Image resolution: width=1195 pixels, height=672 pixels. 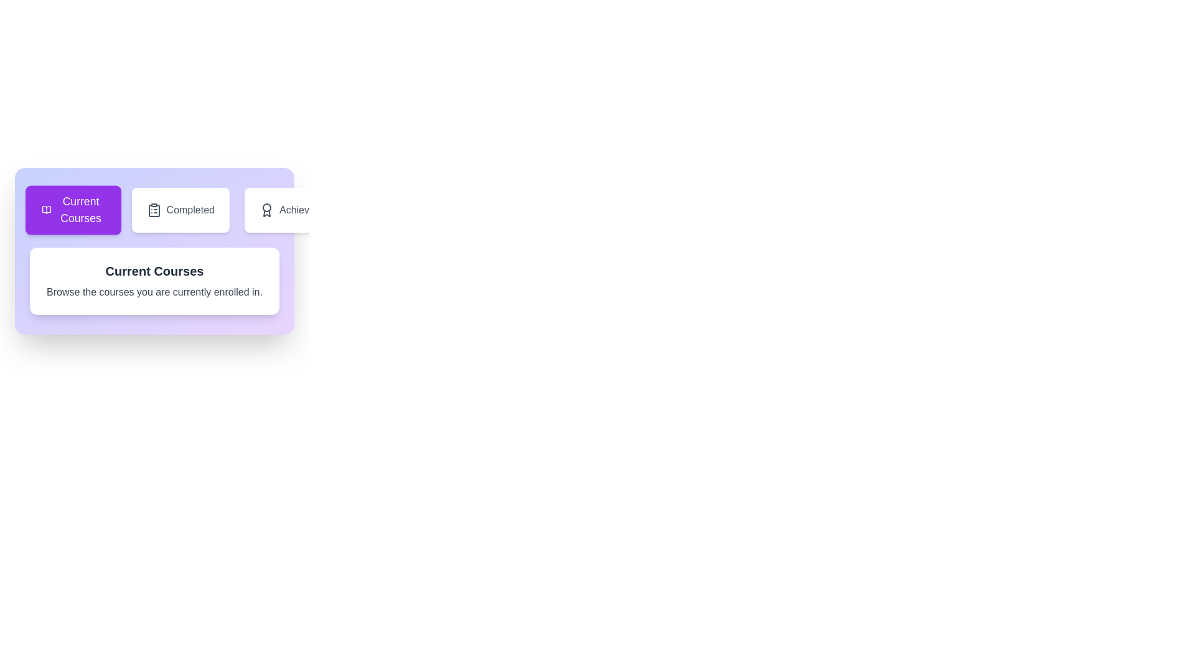 What do you see at coordinates (301, 210) in the screenshot?
I see `the tab labeled Achievements by clicking on it` at bounding box center [301, 210].